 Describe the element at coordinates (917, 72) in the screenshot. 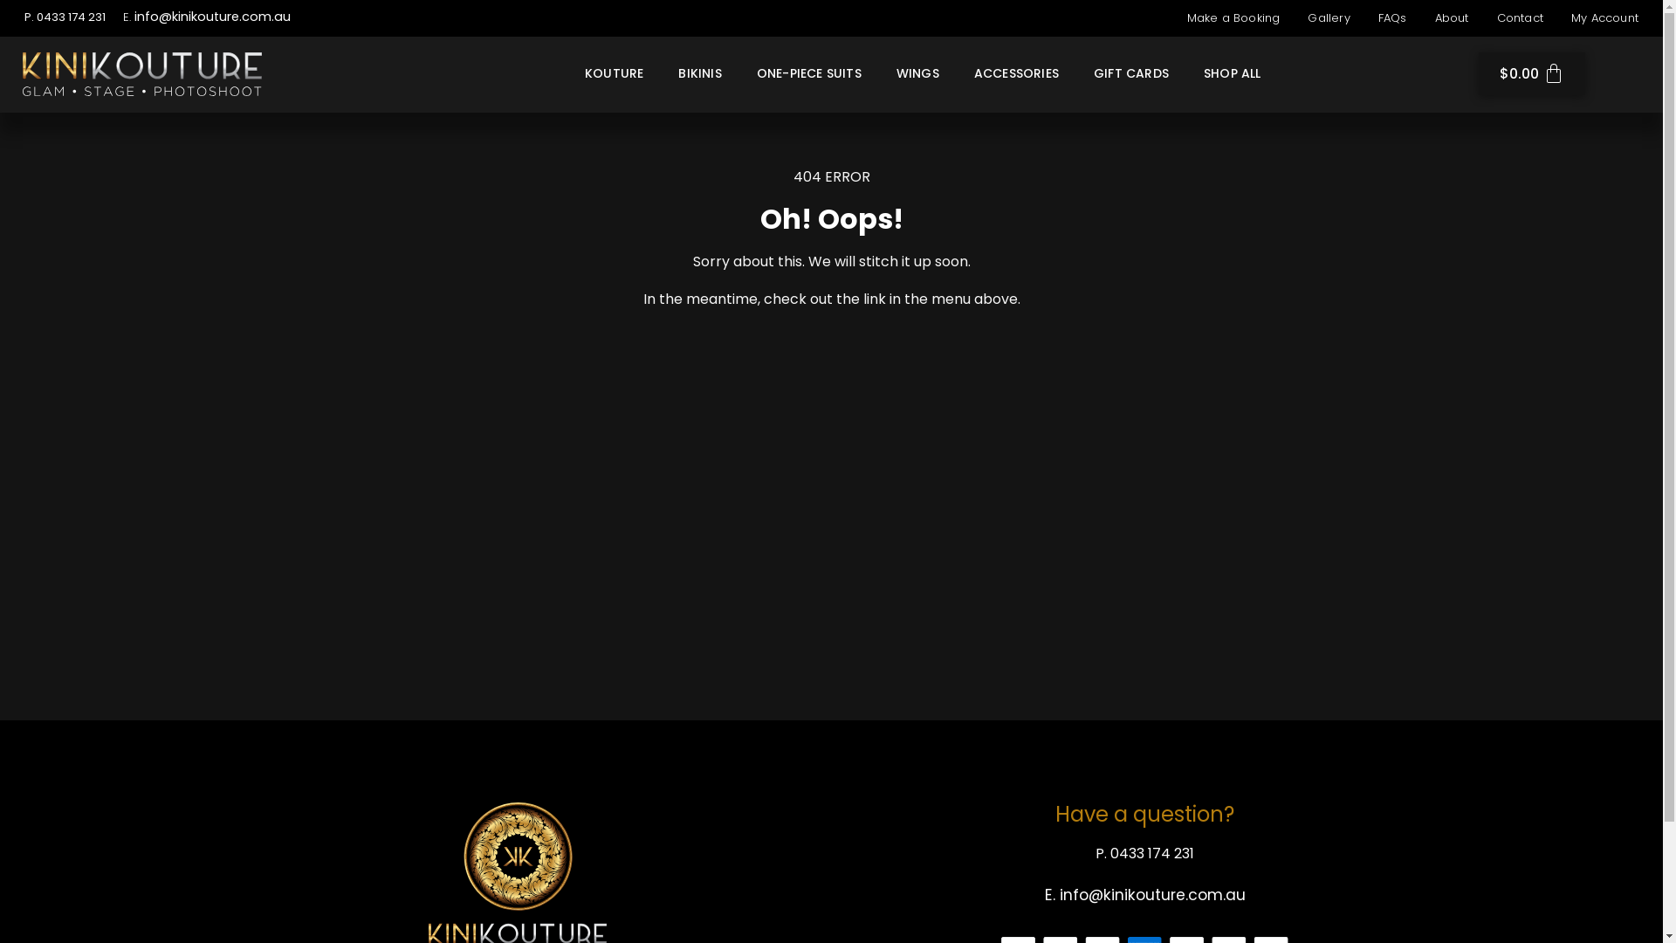

I see `'WINGS'` at that location.